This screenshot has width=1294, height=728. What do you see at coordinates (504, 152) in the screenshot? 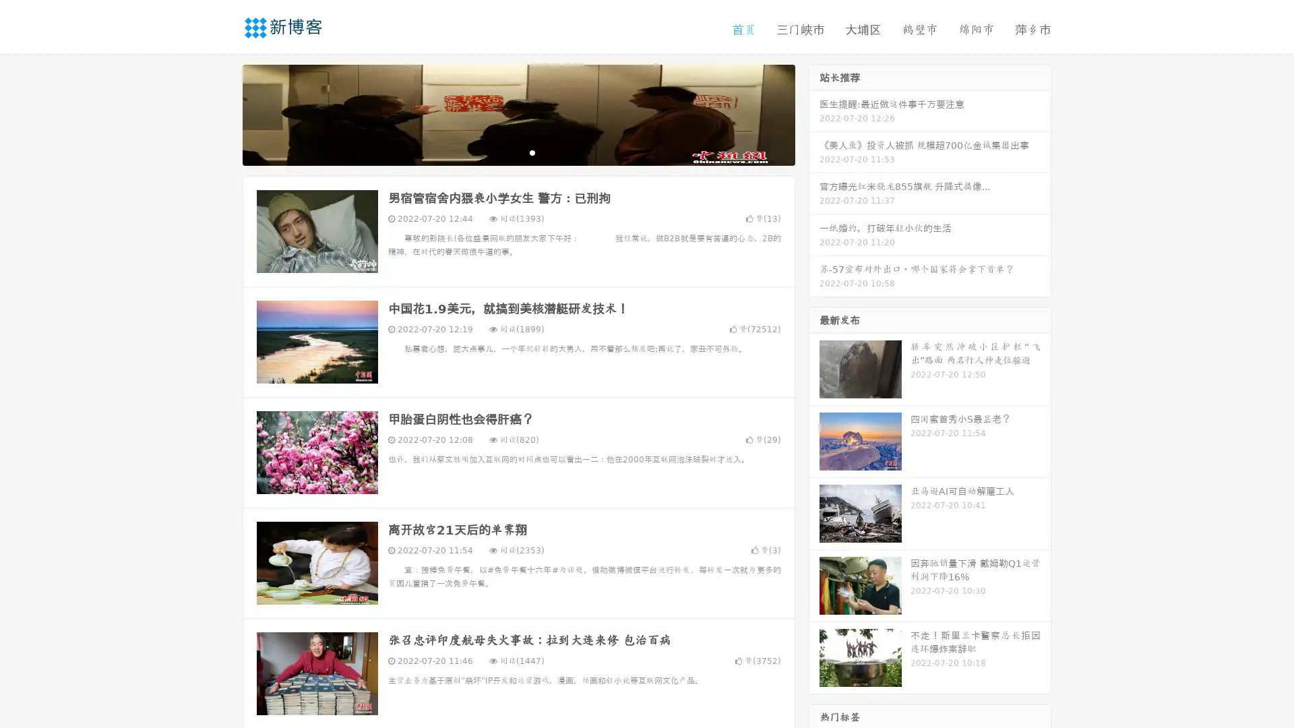
I see `Go to slide 1` at bounding box center [504, 152].